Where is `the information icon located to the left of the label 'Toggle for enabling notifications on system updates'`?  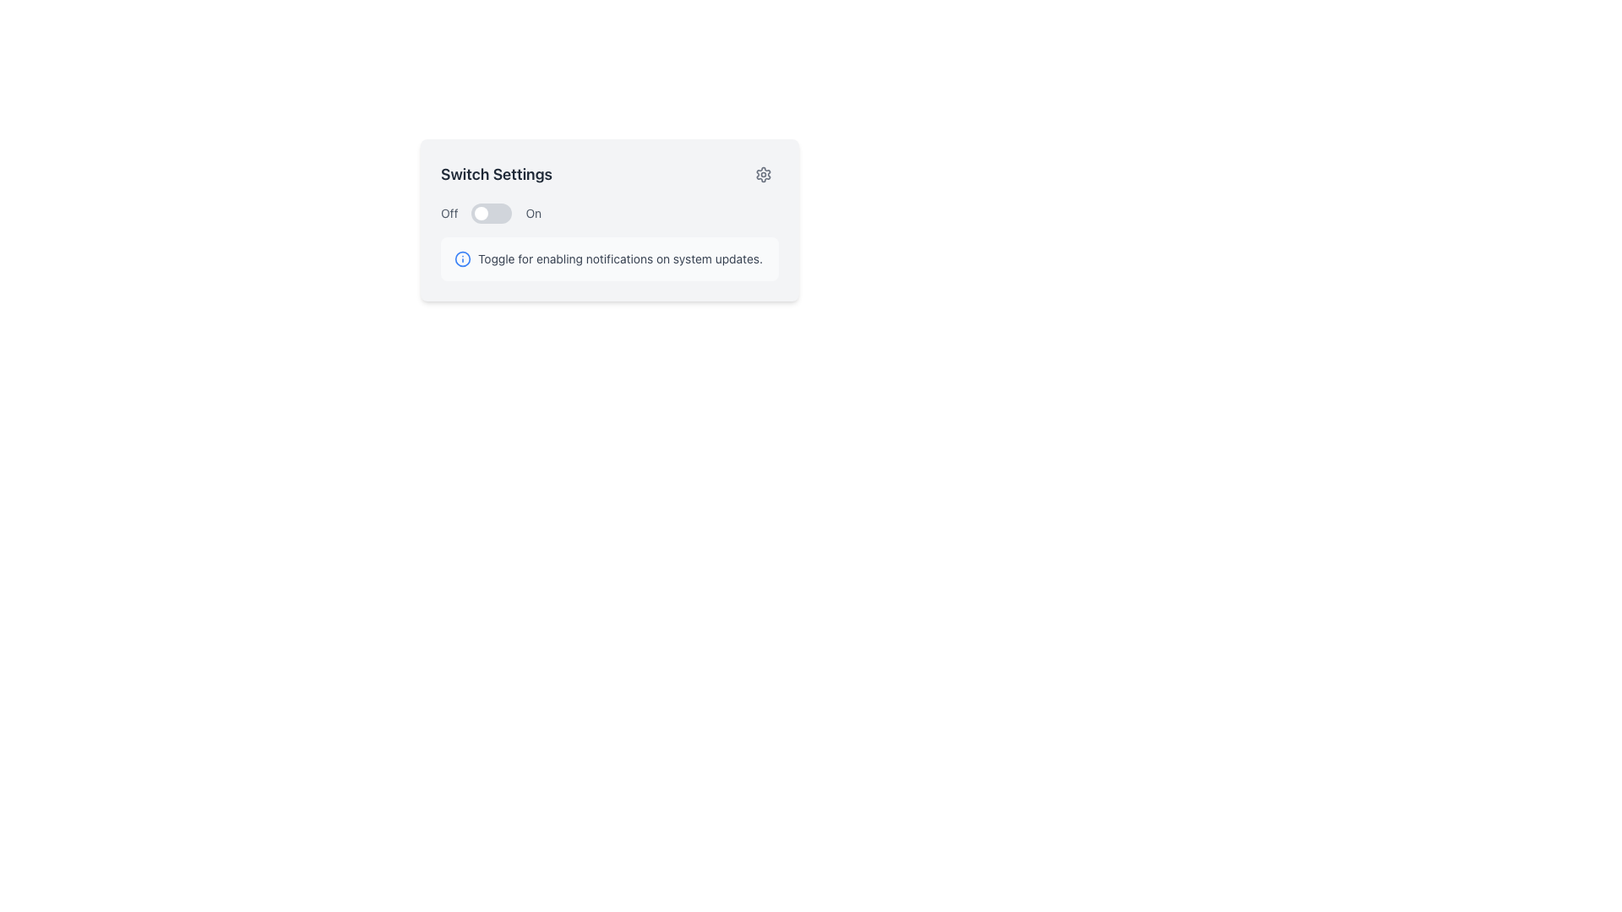 the information icon located to the left of the label 'Toggle for enabling notifications on system updates' is located at coordinates (462, 259).